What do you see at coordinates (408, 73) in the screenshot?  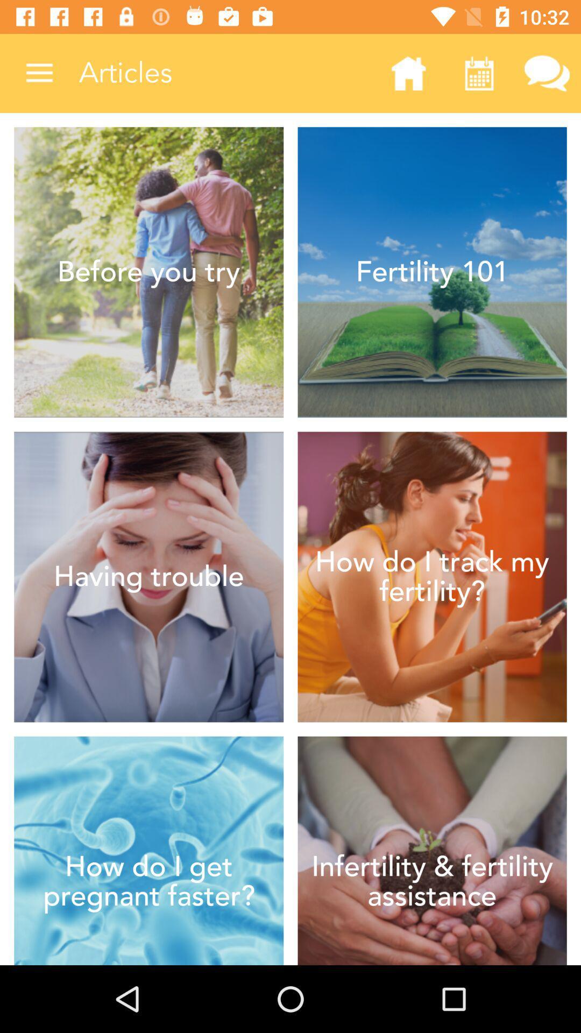 I see `icon to the right of the articles` at bounding box center [408, 73].